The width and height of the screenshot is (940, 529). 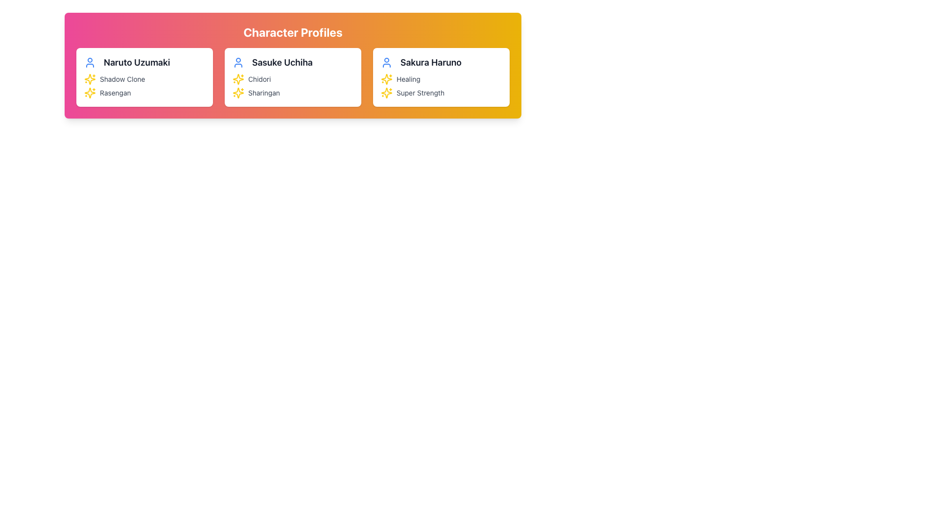 I want to click on the text label displaying 'Sasuke Uchiha' in the character profile card, located under the 'Character Profiles' header, so click(x=282, y=62).